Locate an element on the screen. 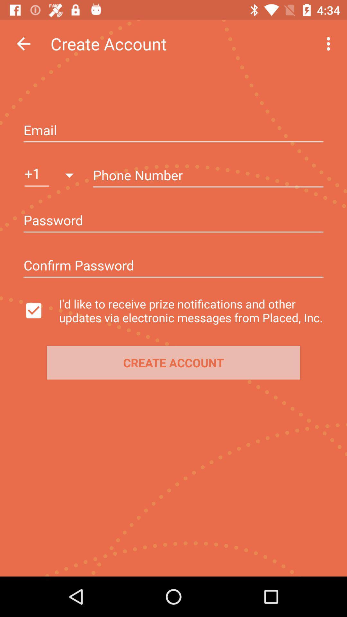  place to enter the phone number is located at coordinates (208, 176).